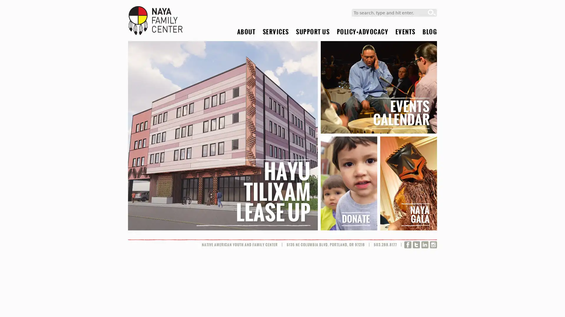 The height and width of the screenshot is (317, 565). I want to click on Search, so click(432, 13).